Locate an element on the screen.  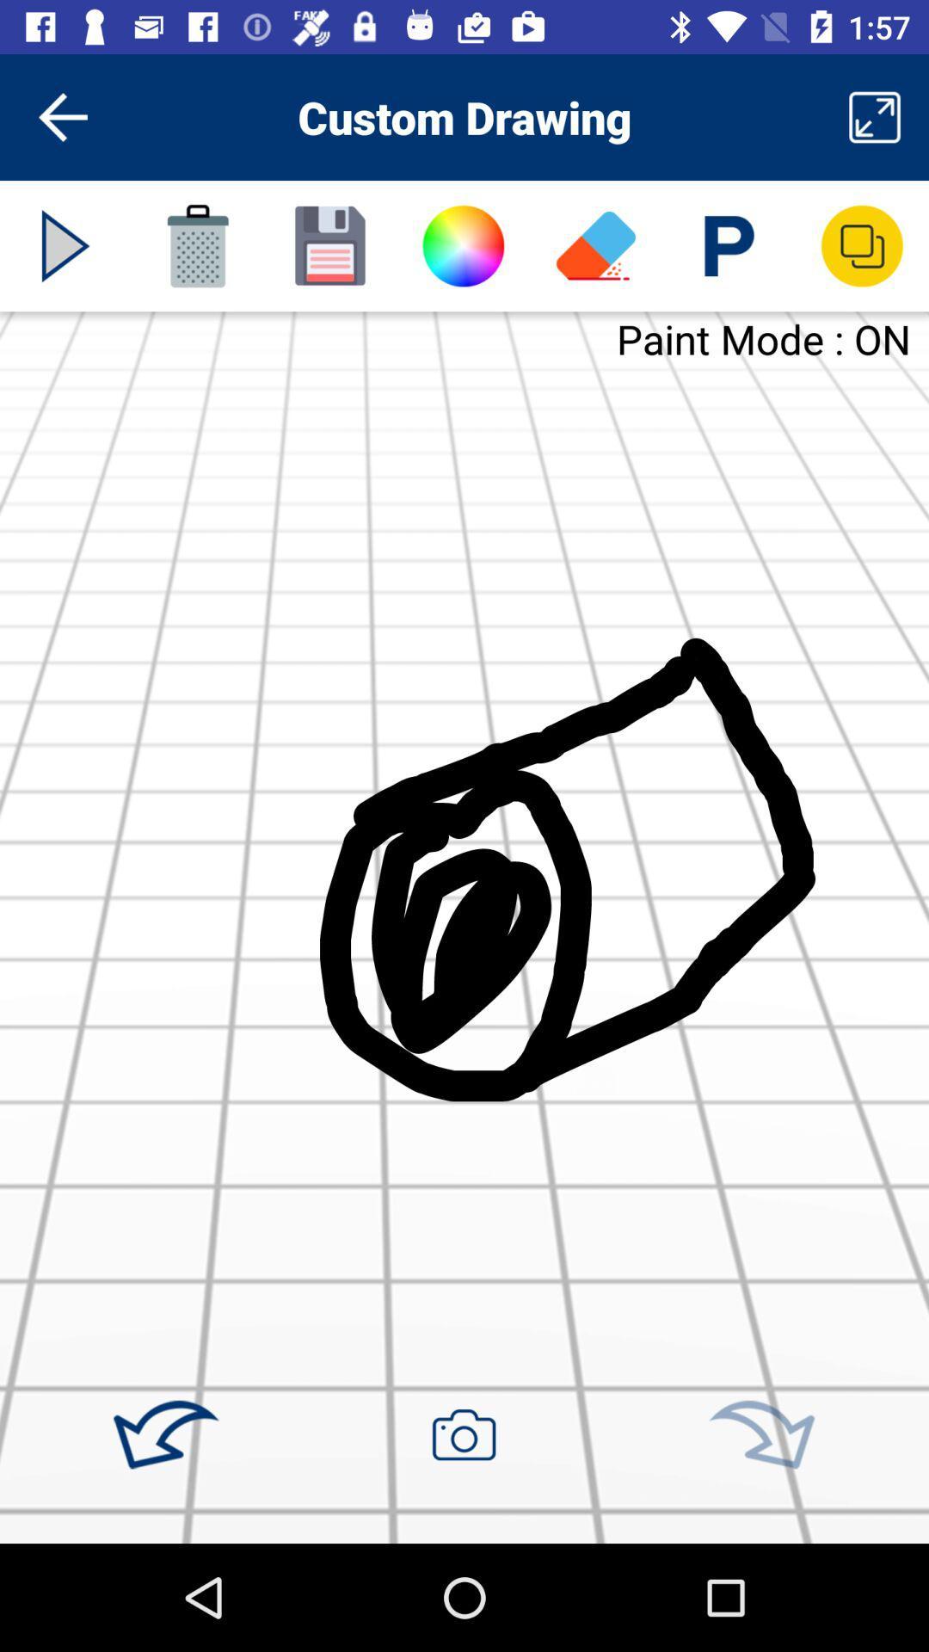
the avatar icon is located at coordinates (462, 245).